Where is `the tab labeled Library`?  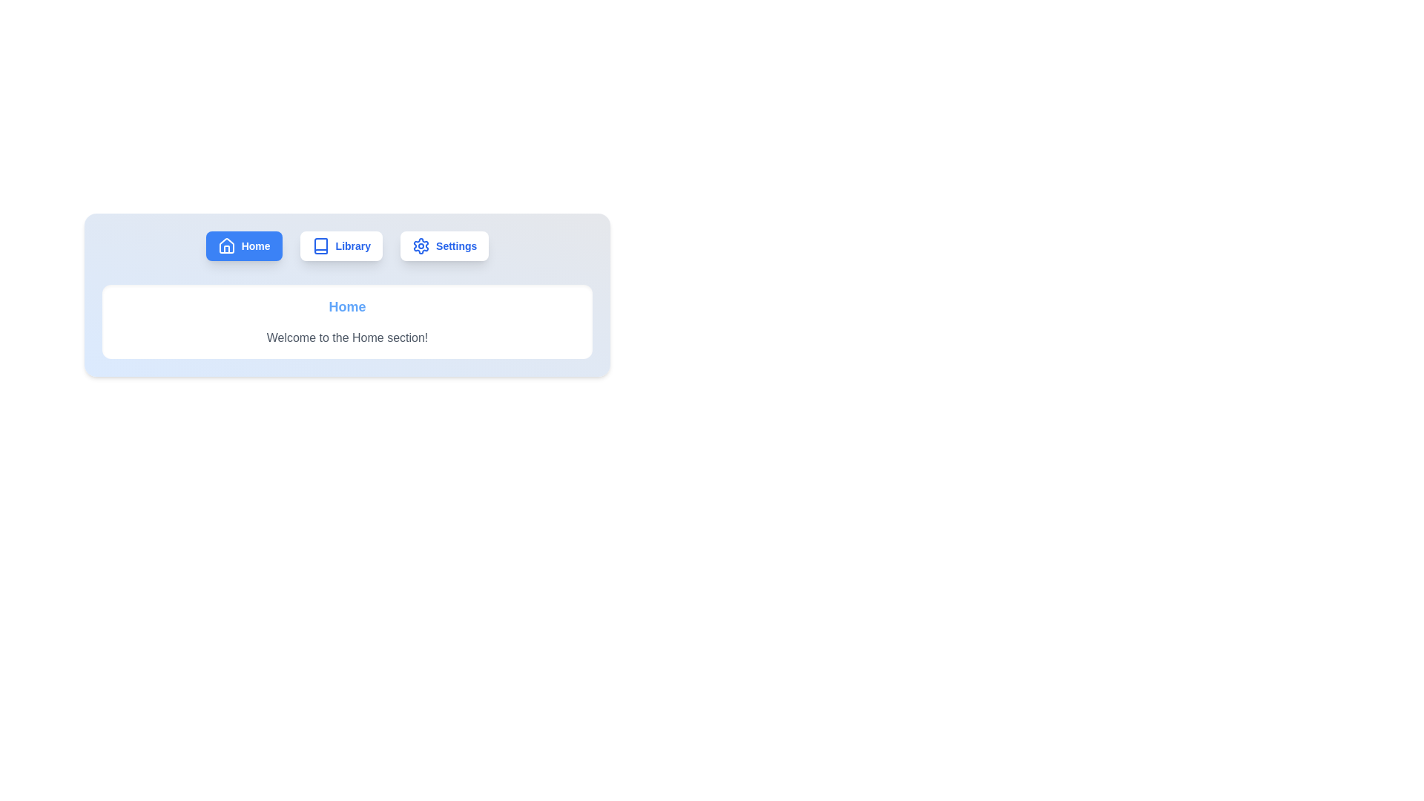 the tab labeled Library is located at coordinates (340, 245).